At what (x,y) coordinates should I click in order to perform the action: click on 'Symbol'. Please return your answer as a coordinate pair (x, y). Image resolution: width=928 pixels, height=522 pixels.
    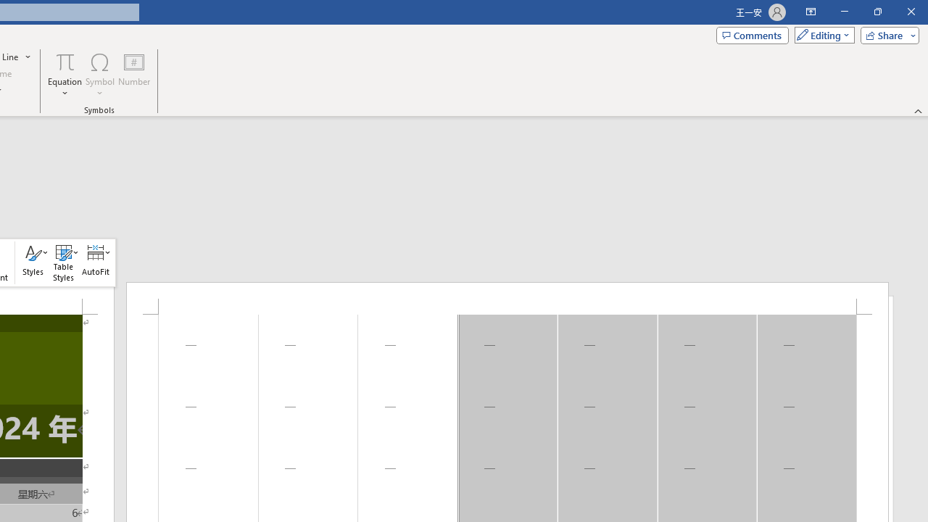
    Looking at the image, I should click on (99, 75).